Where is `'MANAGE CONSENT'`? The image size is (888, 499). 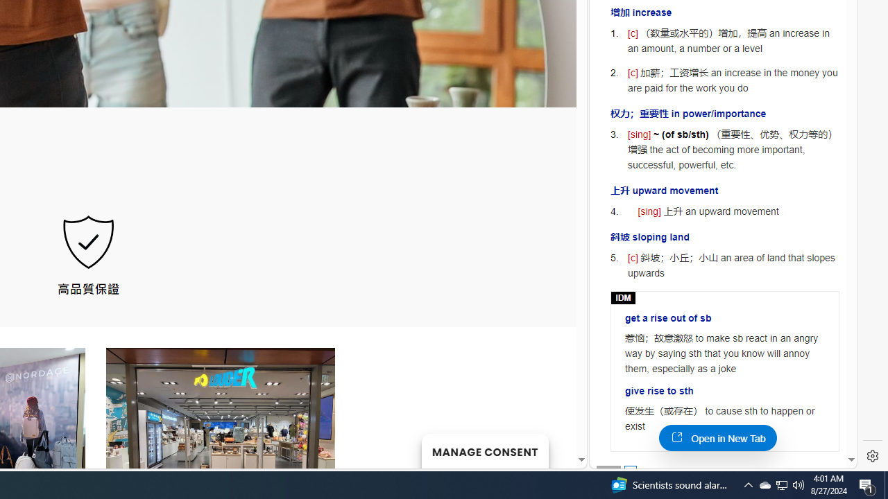
'MANAGE CONSENT' is located at coordinates (484, 450).